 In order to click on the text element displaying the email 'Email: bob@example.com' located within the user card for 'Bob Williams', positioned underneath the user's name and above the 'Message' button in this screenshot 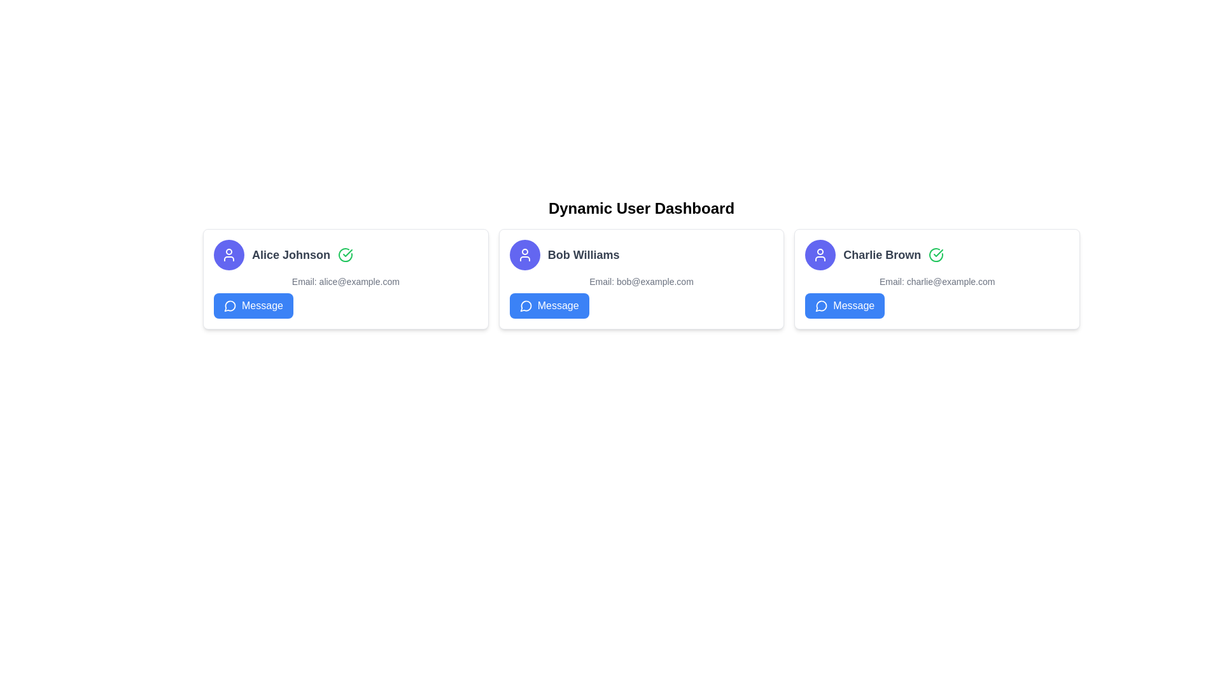, I will do `click(642, 281)`.